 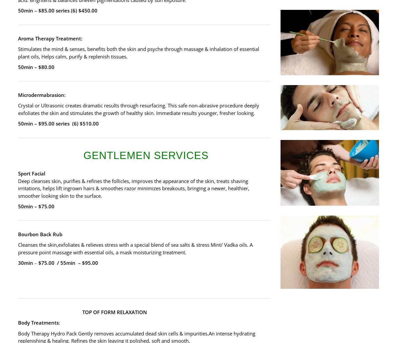 I want to click on '50min – $80.00', so click(x=36, y=67).